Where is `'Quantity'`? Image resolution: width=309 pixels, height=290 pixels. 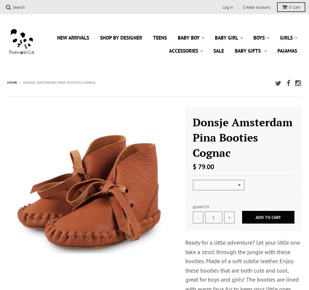 'Quantity' is located at coordinates (200, 207).